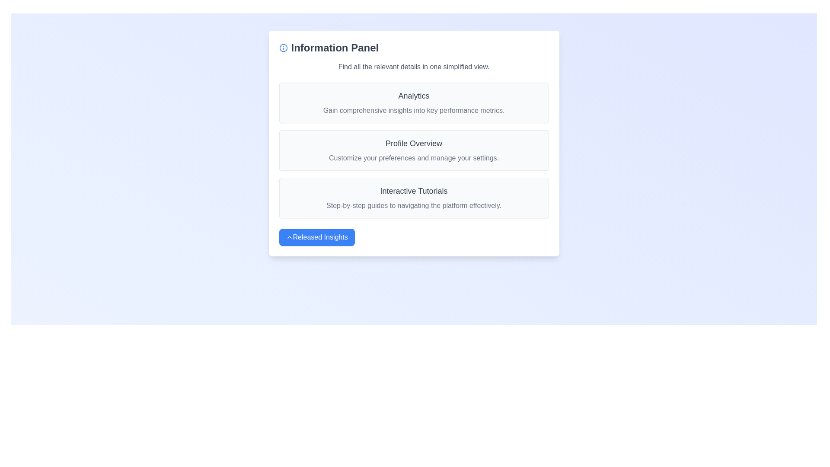 This screenshot has width=830, height=467. I want to click on text label indicating 'Interactive Tutorials', which serves as the title for the section, located centrally in the third section of the vertically stacked list, so click(413, 191).